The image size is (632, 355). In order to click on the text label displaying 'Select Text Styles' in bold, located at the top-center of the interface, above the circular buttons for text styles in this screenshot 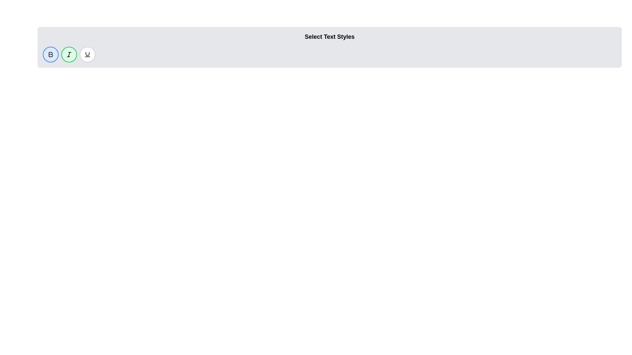, I will do `click(329, 36)`.